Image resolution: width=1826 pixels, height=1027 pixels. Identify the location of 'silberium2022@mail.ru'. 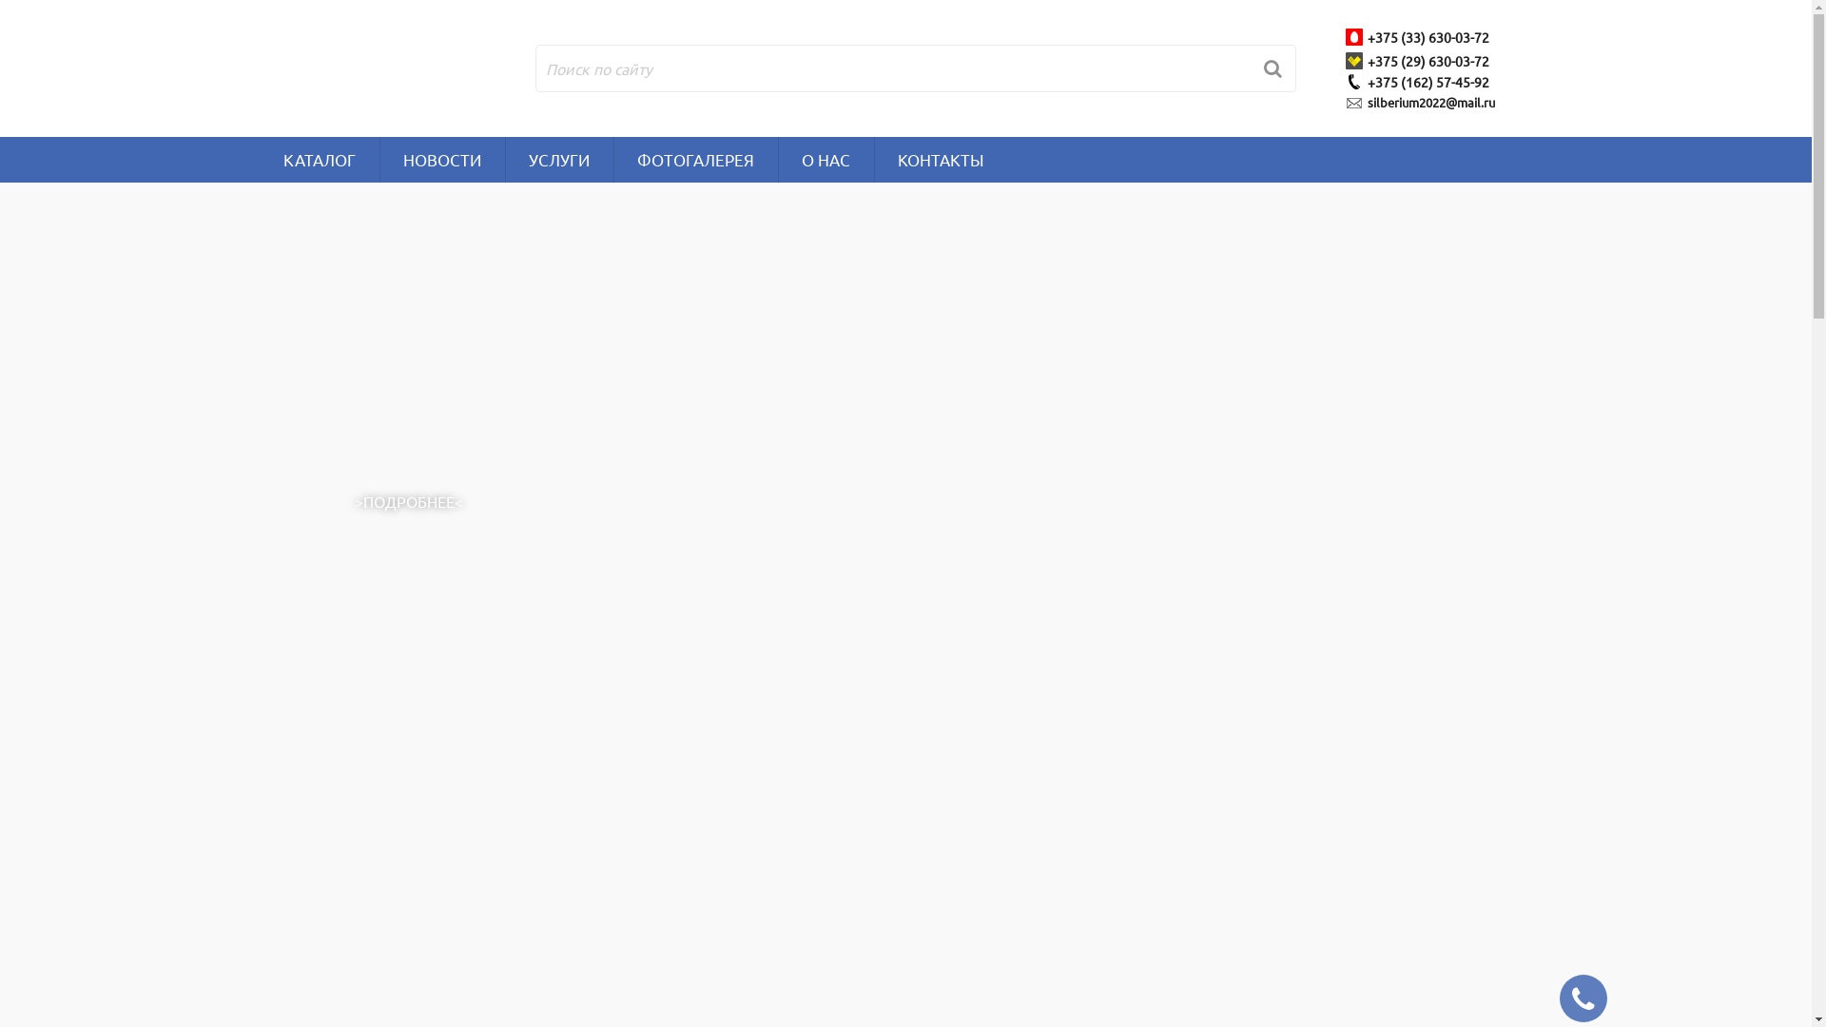
(1433, 102).